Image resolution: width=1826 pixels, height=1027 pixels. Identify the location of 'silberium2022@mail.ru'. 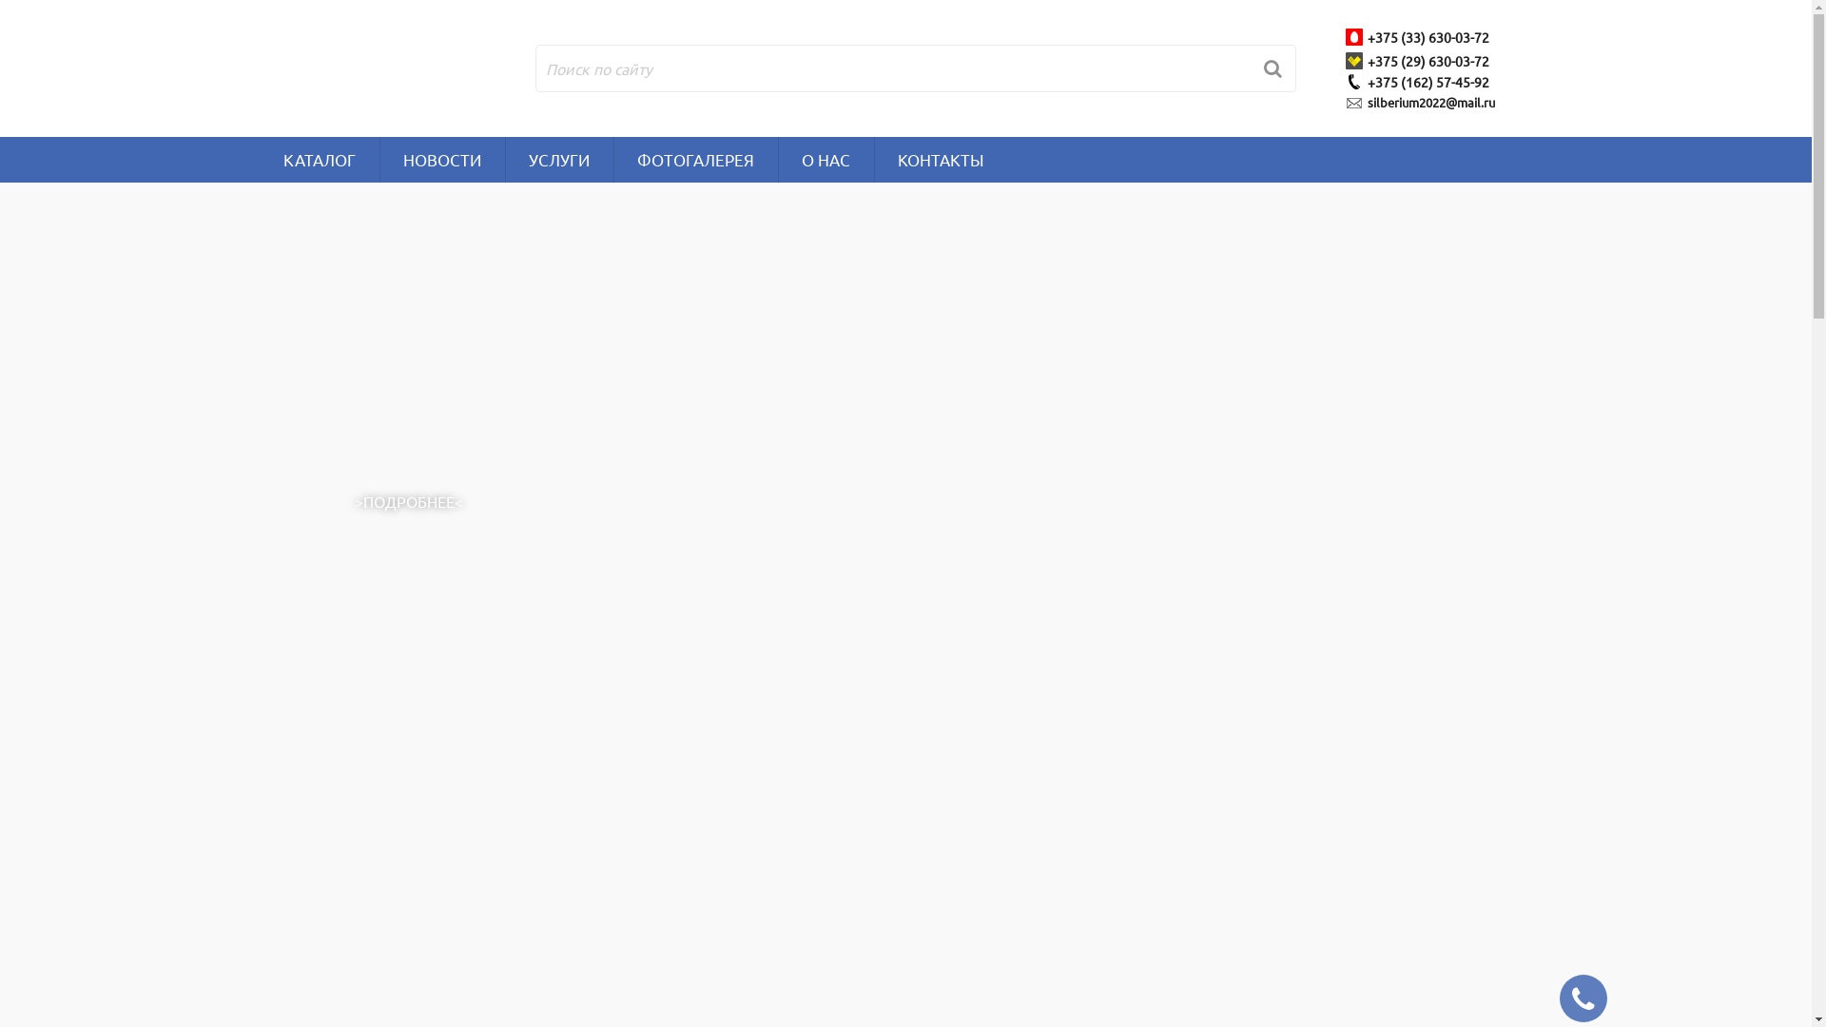
(1433, 102).